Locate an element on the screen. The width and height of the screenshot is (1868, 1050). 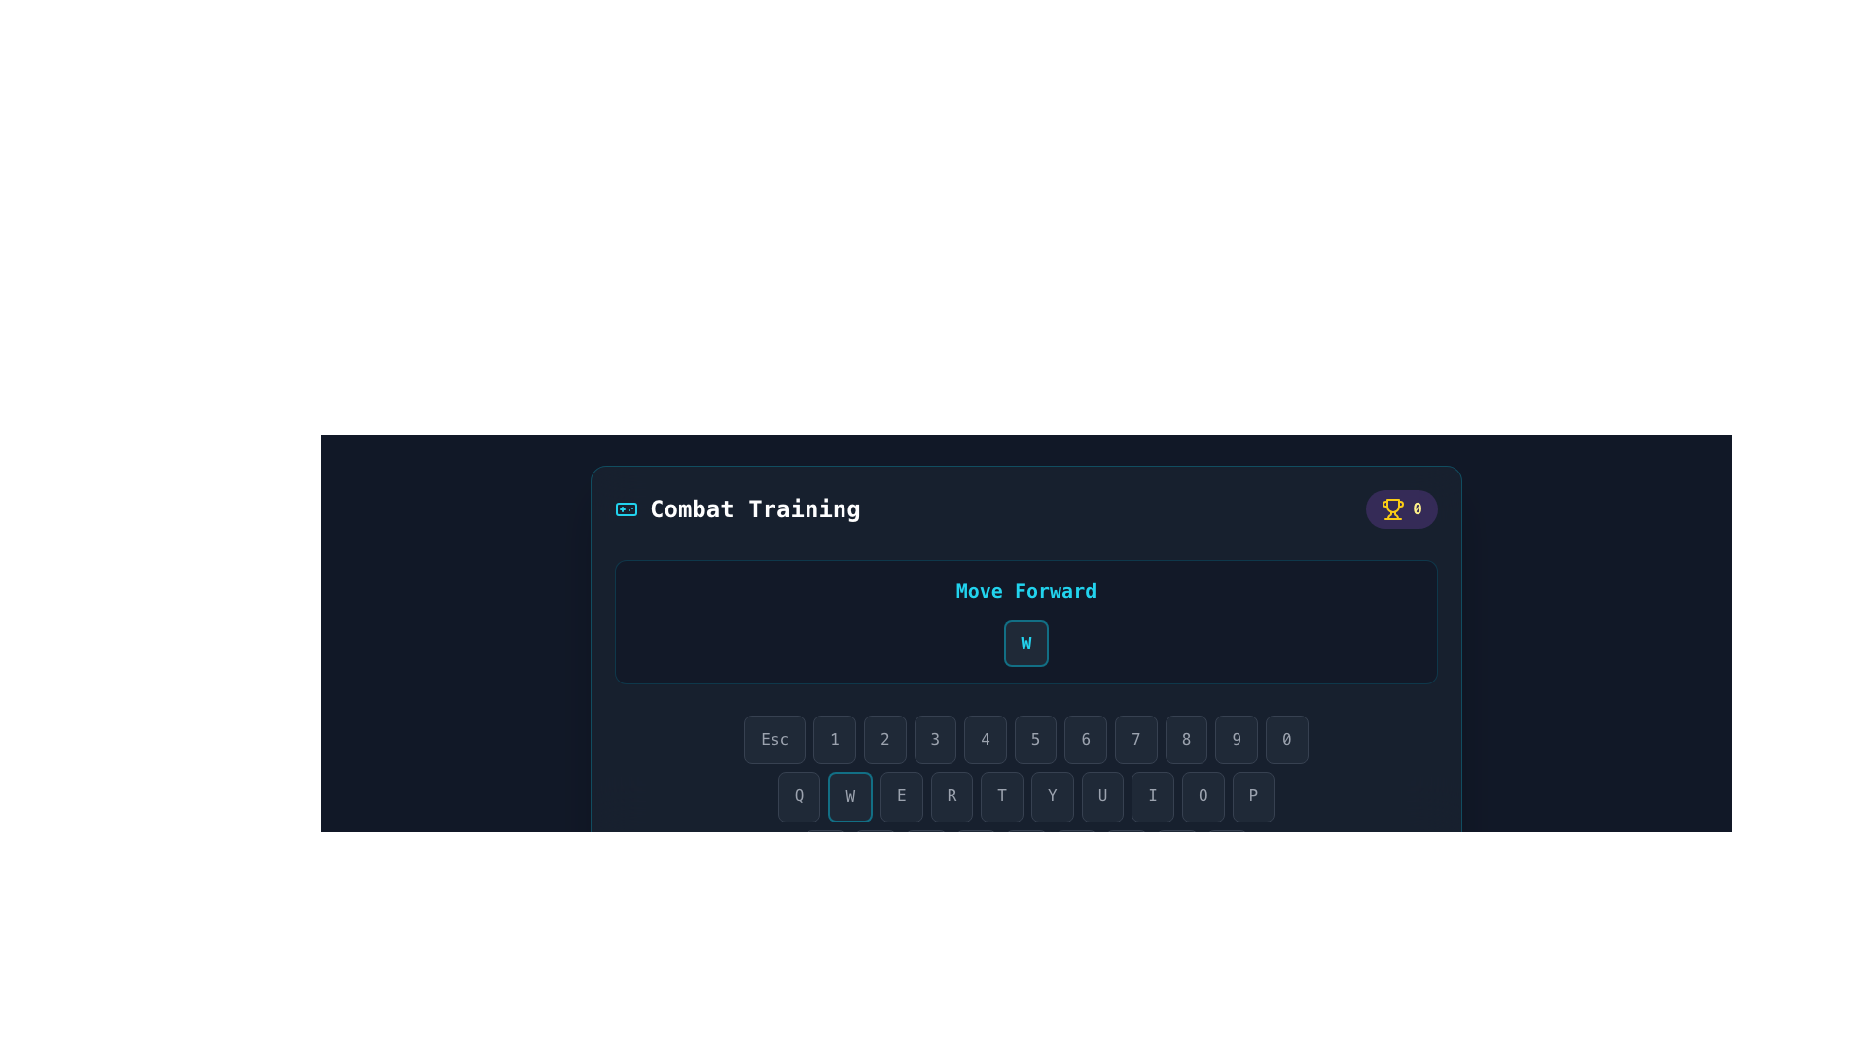
the 'B' key button on the virtual keyboard, which is the sixth button in a row, positioned between 'V' and 'N' is located at coordinates (1060, 911).